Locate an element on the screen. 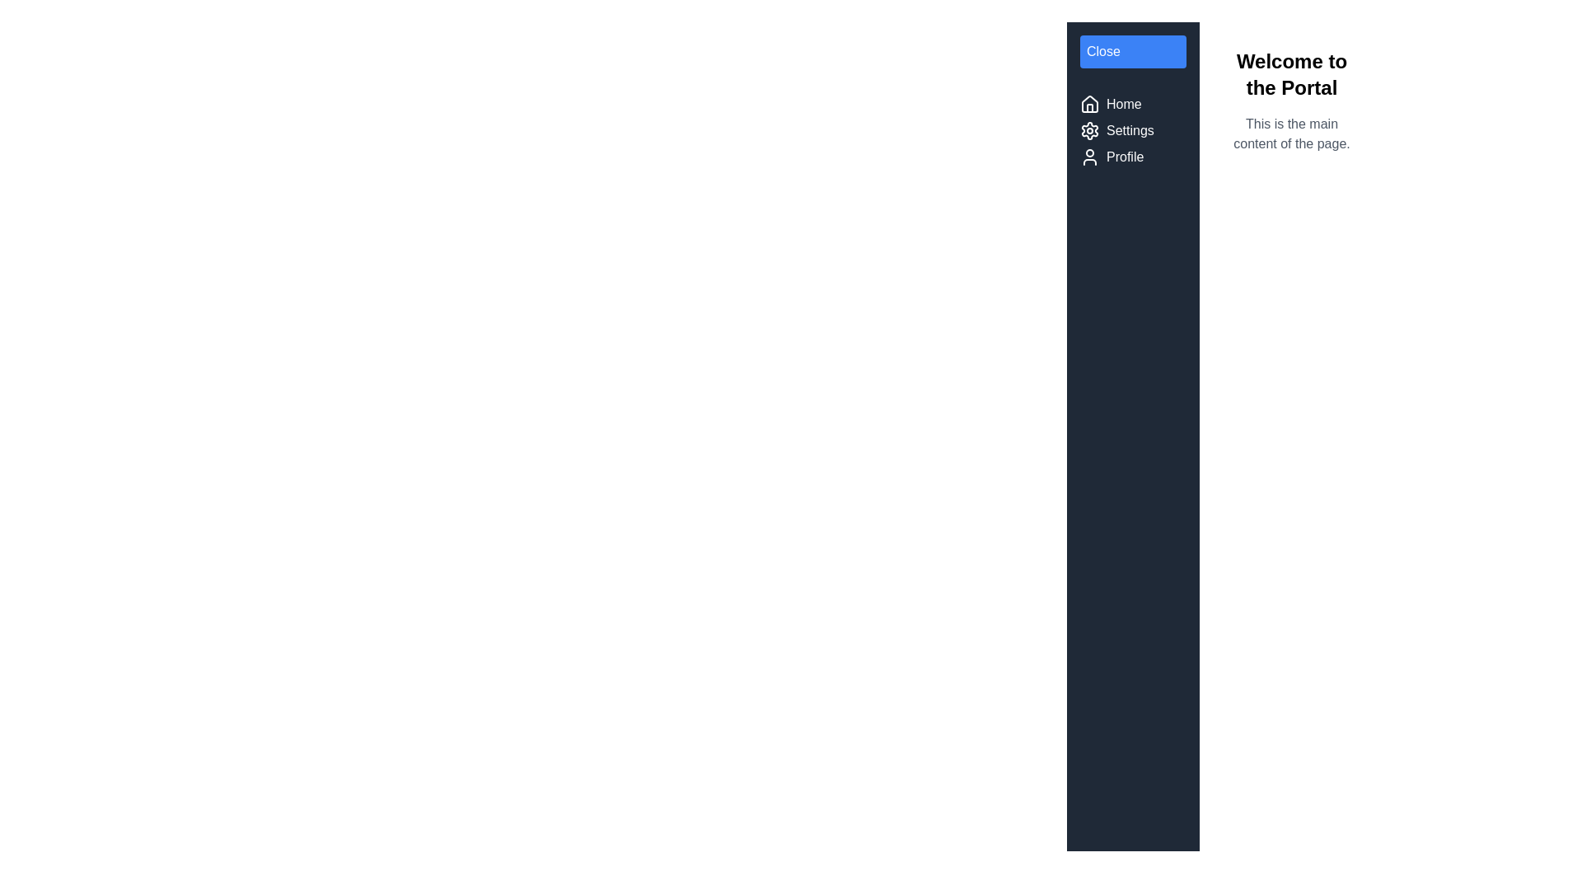 This screenshot has width=1582, height=890. the third navigation link is located at coordinates (1132, 157).